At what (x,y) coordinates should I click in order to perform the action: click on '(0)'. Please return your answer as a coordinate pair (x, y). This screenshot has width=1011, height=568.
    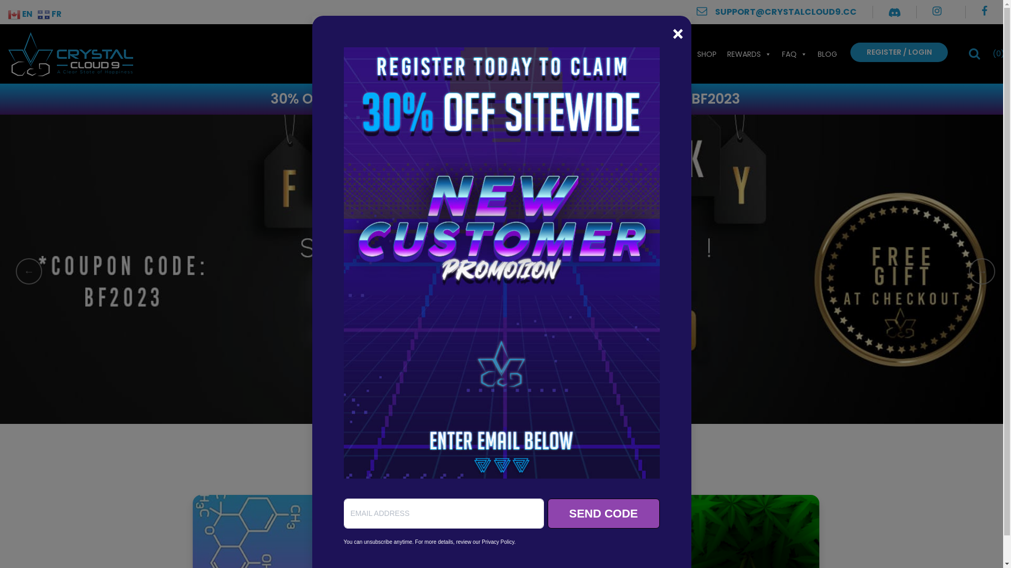
    Looking at the image, I should click on (998, 53).